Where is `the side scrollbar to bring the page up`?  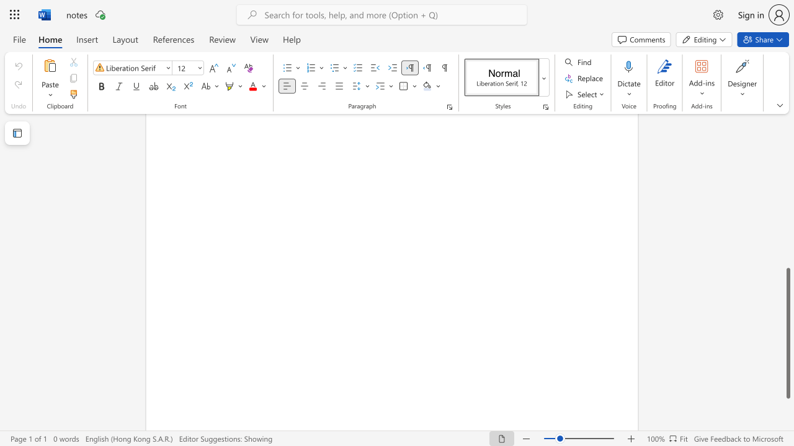 the side scrollbar to bring the page up is located at coordinates (787, 192).